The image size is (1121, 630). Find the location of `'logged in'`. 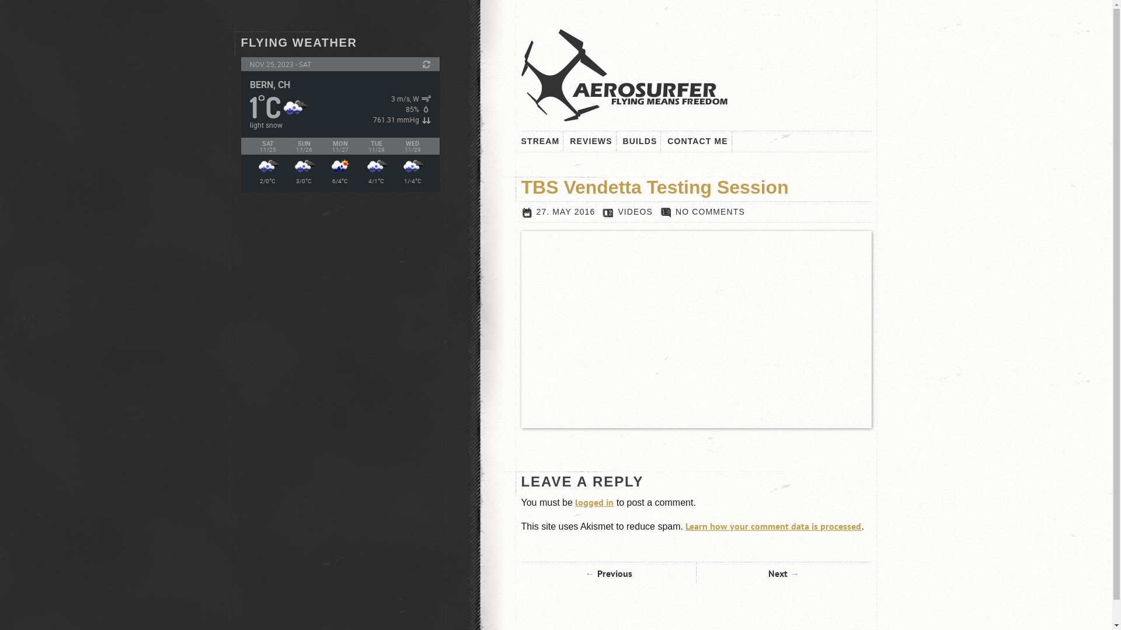

'logged in' is located at coordinates (594, 501).